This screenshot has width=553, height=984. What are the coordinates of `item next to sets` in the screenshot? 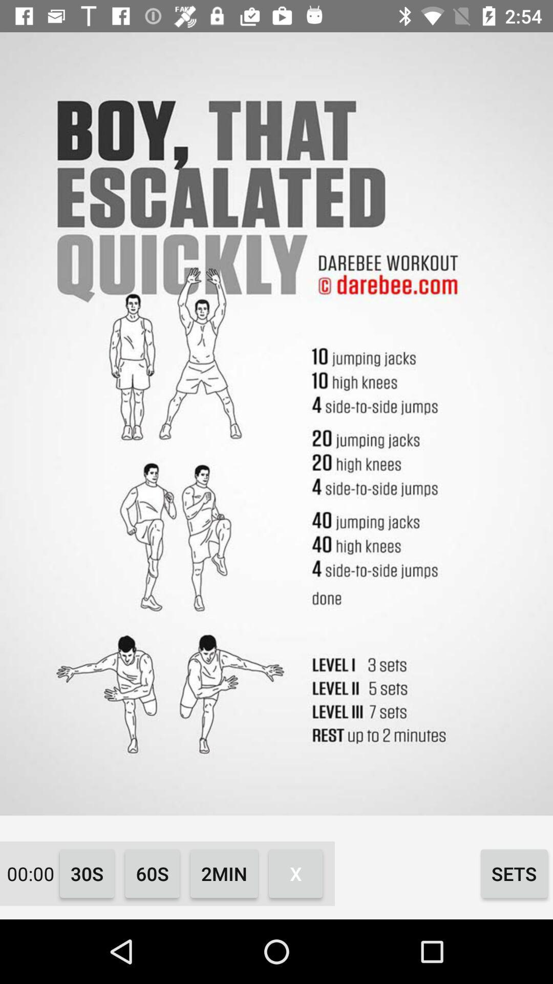 It's located at (295, 873).